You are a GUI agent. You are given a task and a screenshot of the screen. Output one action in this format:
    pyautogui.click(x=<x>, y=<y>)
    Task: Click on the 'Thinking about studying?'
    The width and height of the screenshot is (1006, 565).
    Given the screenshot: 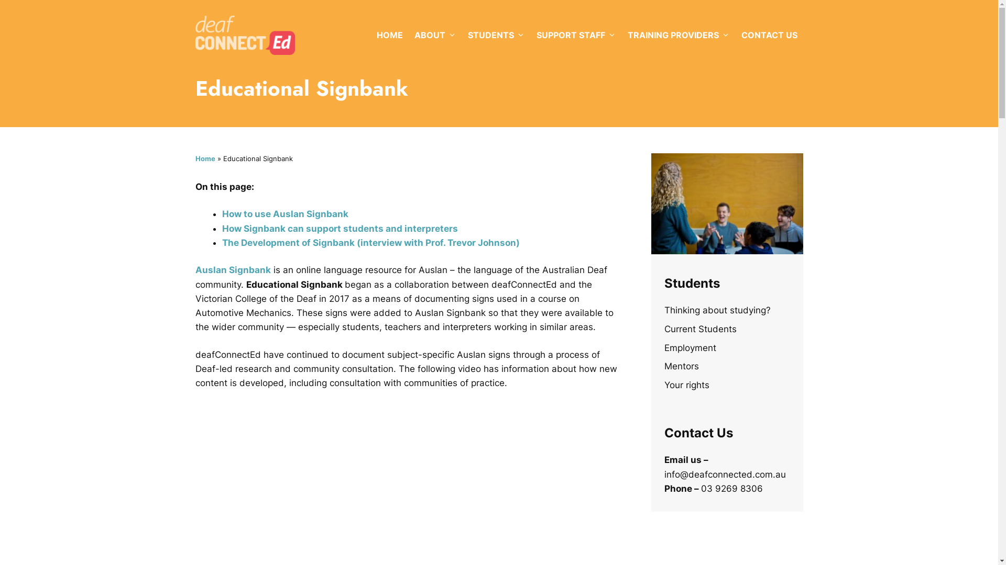 What is the action you would take?
    pyautogui.click(x=717, y=310)
    